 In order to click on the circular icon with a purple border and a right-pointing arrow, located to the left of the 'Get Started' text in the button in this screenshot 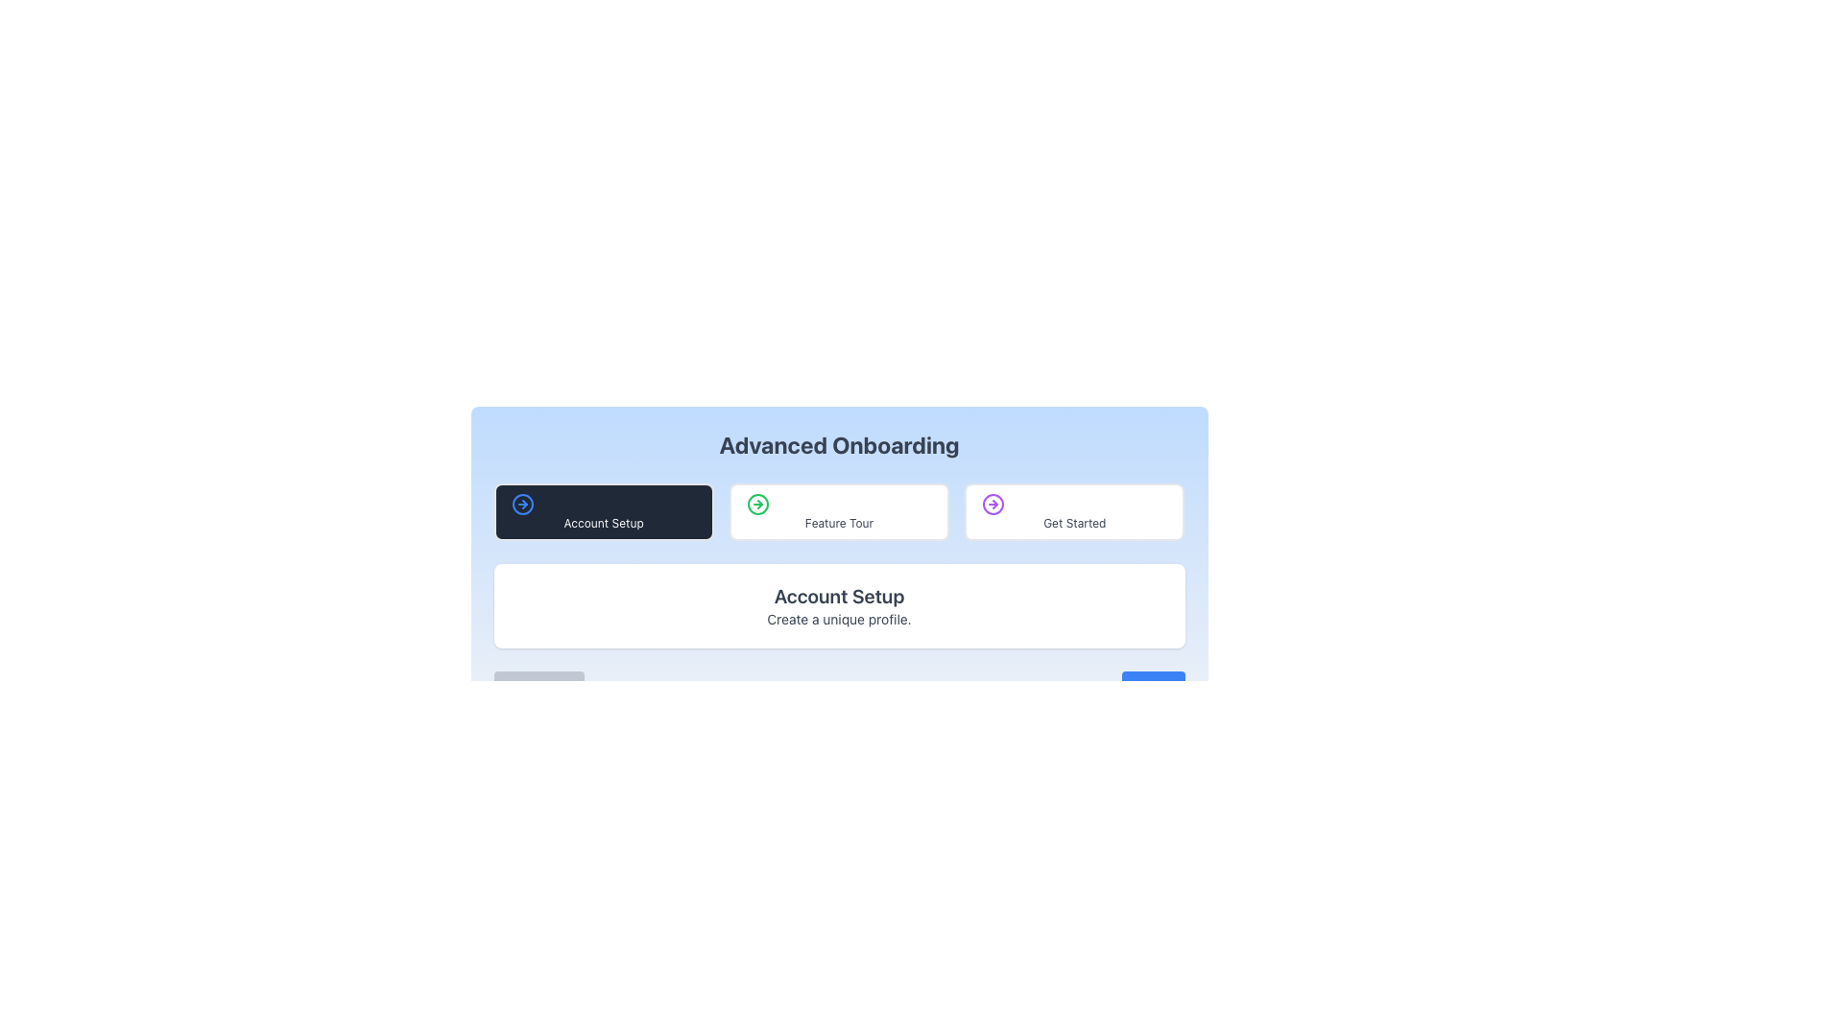, I will do `click(993, 503)`.